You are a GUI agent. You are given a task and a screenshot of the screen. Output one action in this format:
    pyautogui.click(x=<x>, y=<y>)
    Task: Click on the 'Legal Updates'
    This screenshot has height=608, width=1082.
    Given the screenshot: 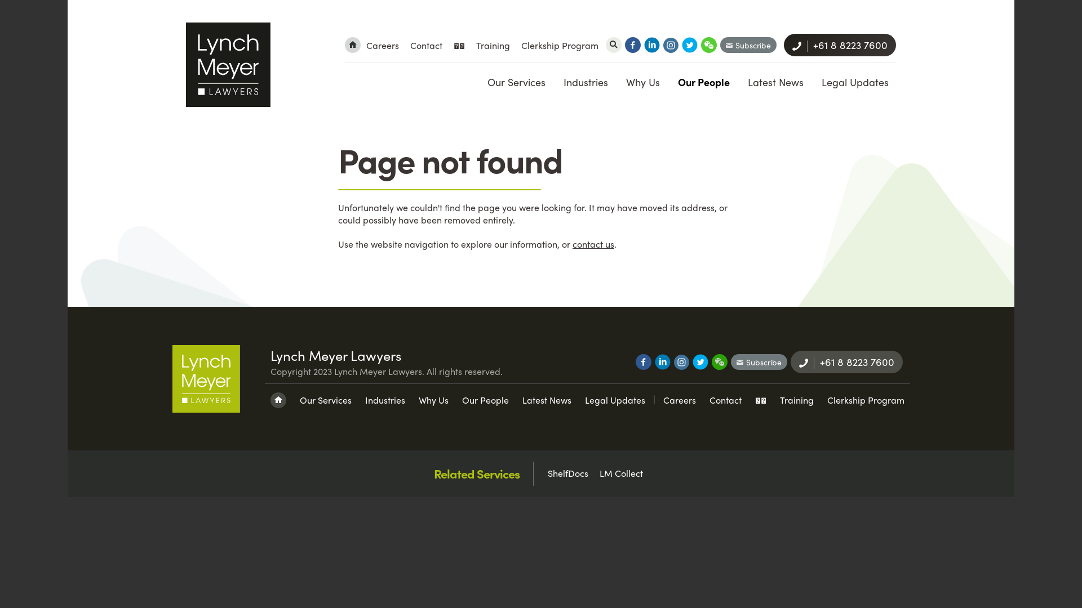 What is the action you would take?
    pyautogui.click(x=854, y=81)
    